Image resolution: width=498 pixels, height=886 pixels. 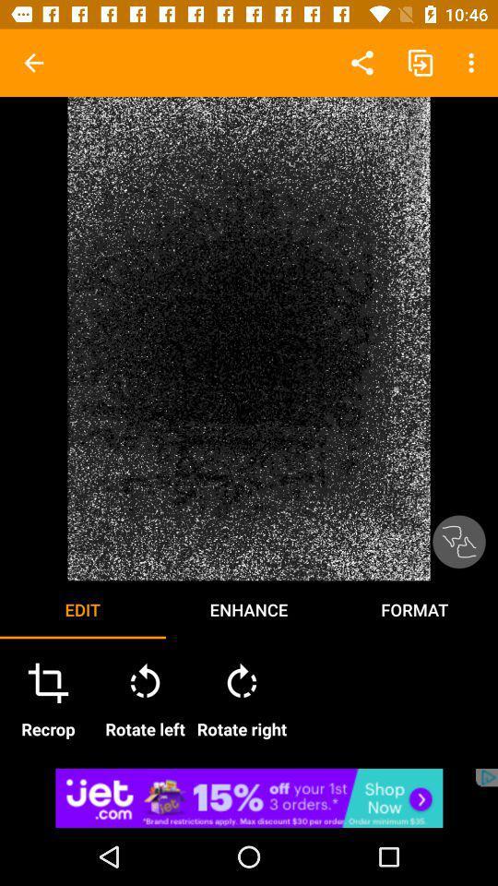 I want to click on open advertisement, so click(x=249, y=796).